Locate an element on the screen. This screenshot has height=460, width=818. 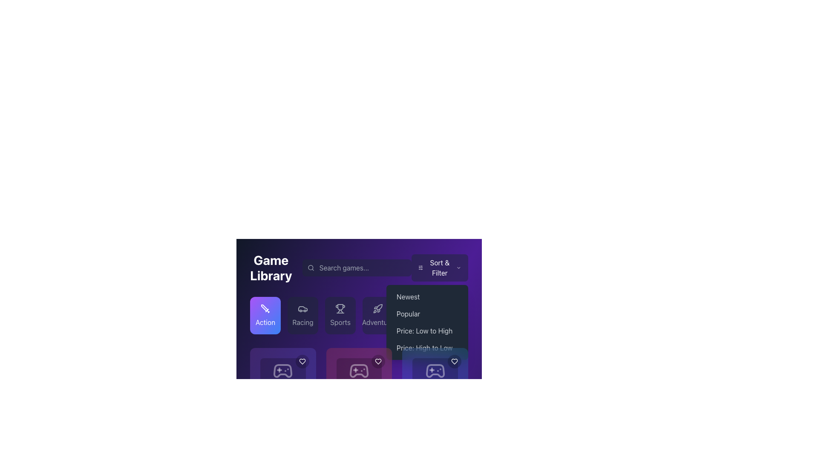
the rocket icon representing the 'Adventure' category card, which is located in the center-top section of the card labeled 'Adventure' is located at coordinates (377, 309).